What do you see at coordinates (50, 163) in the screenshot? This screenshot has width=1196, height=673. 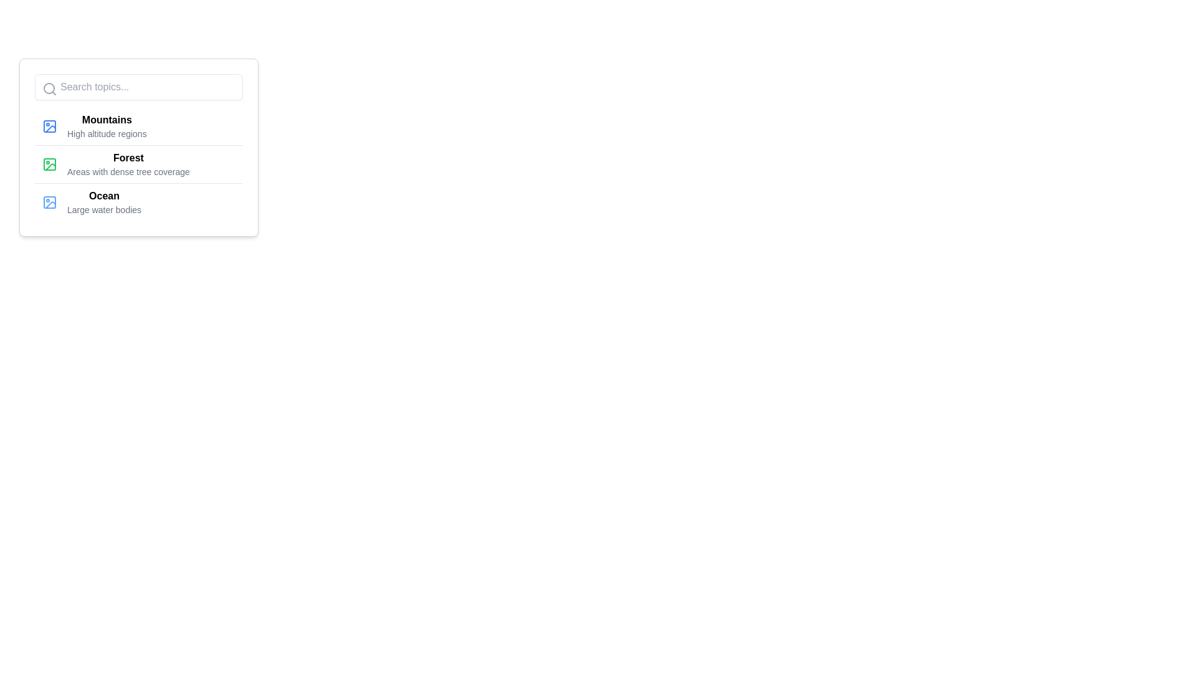 I see `the 'Forest' icon located adjacent to the text 'Areas with dense tree coverage' and 'Forest'` at bounding box center [50, 163].